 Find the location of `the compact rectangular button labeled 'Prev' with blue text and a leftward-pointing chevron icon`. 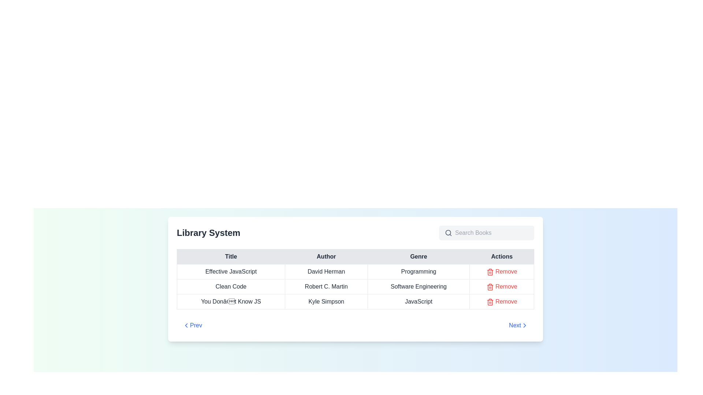

the compact rectangular button labeled 'Prev' with blue text and a leftward-pointing chevron icon is located at coordinates (192, 325).